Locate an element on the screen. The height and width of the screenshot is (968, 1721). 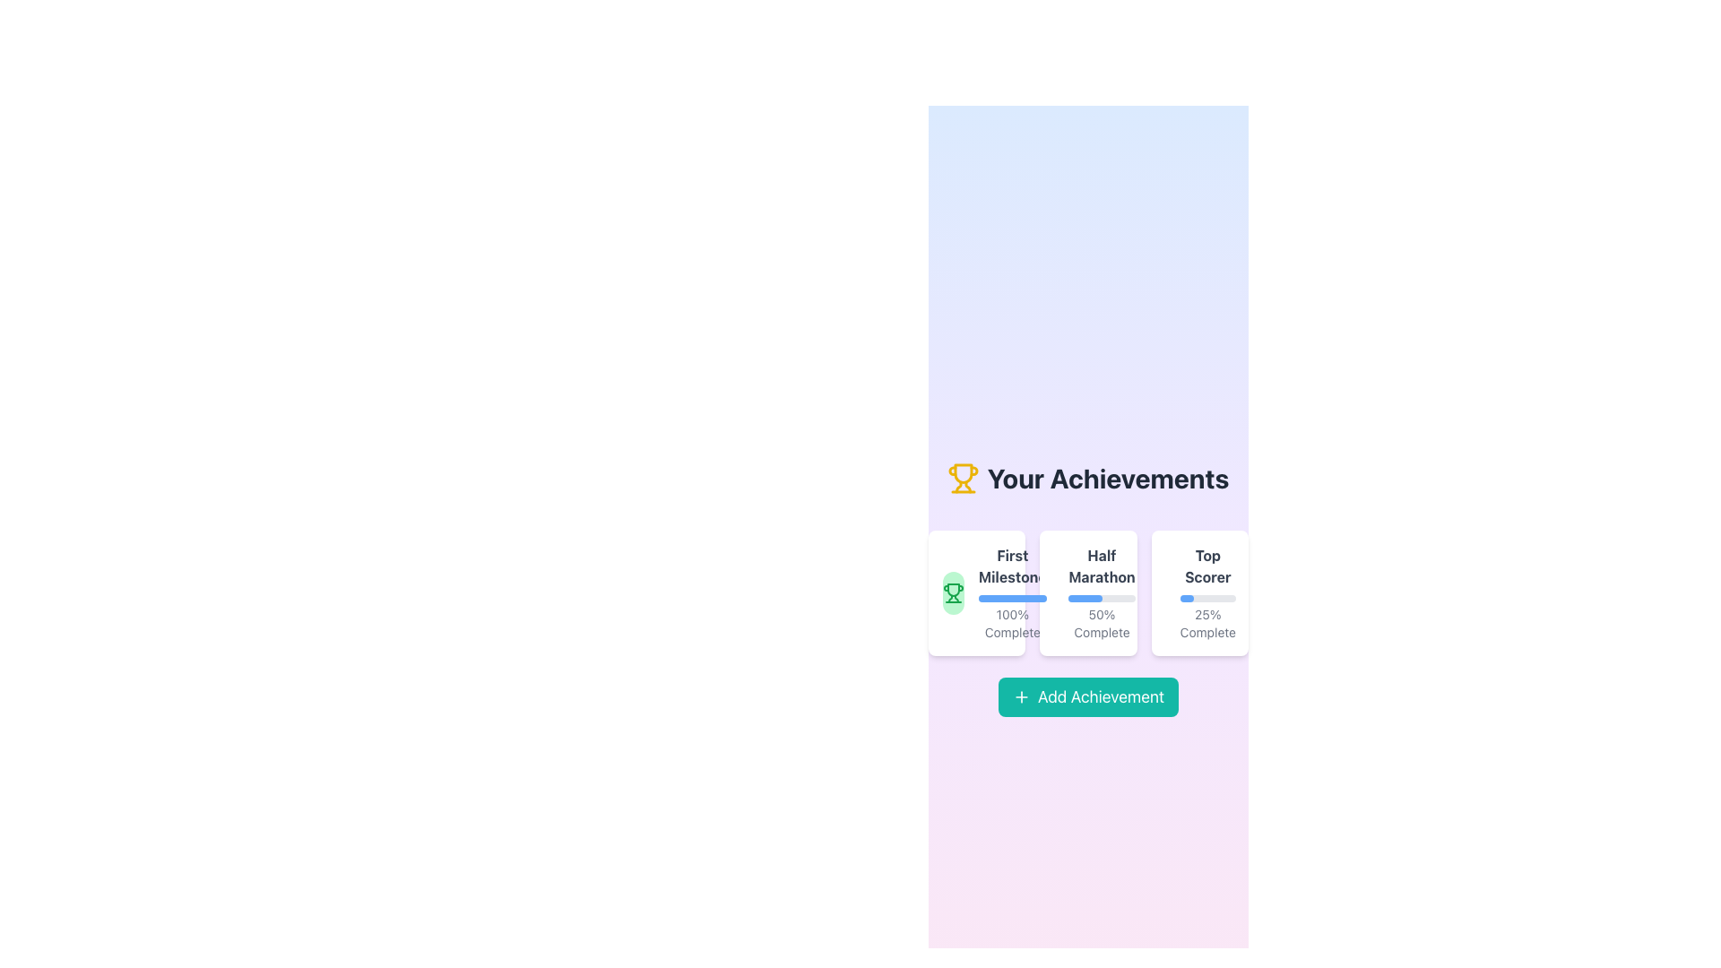
the progress bar that visually represents the completion percentage of the 'First Milestone', located below the text 'First Milestone' and above '100% Complete' is located at coordinates (1012, 598).